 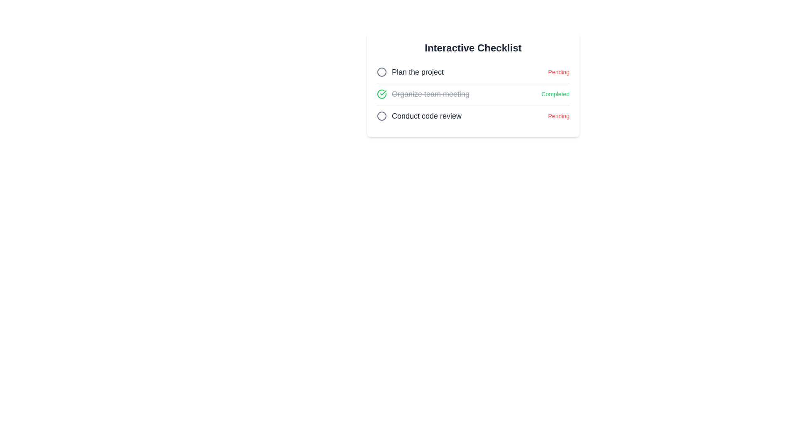 I want to click on the Text Label indicating the status of the 'Conduct code review' task located in the bottom row of the checklist, so click(x=559, y=116).